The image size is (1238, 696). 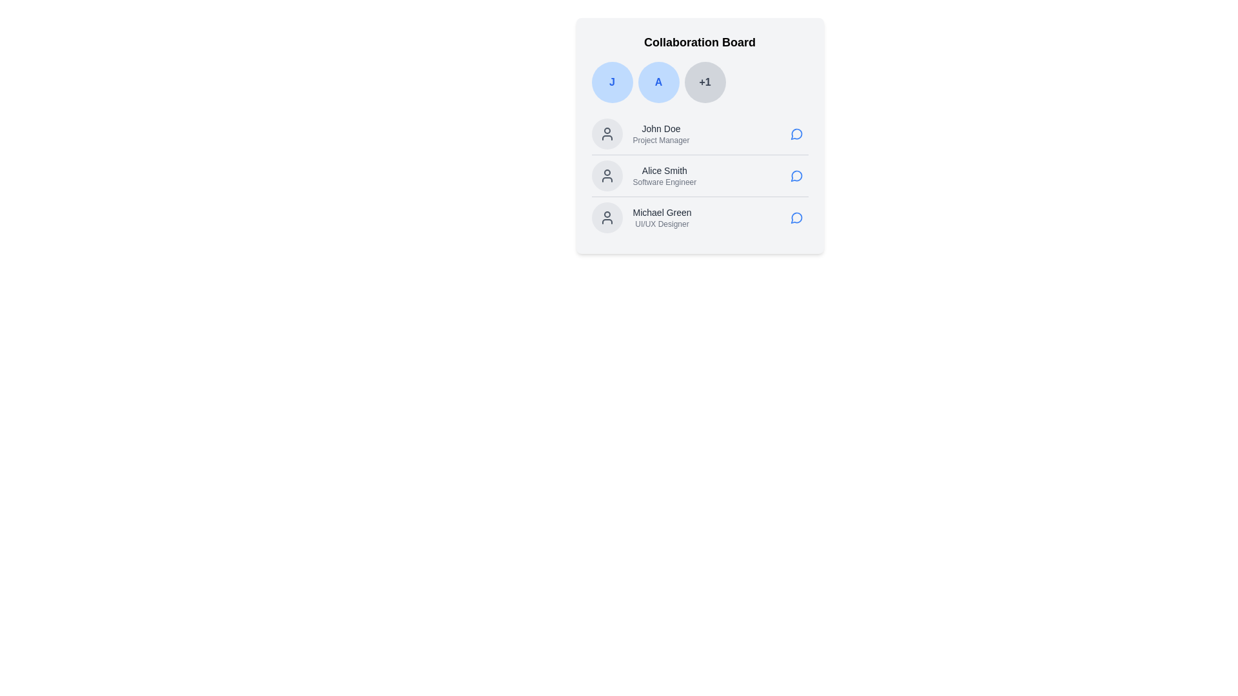 I want to click on the chat bubble icon button located in the action column next to 'Alice Smith' to initiate a message, so click(x=796, y=176).